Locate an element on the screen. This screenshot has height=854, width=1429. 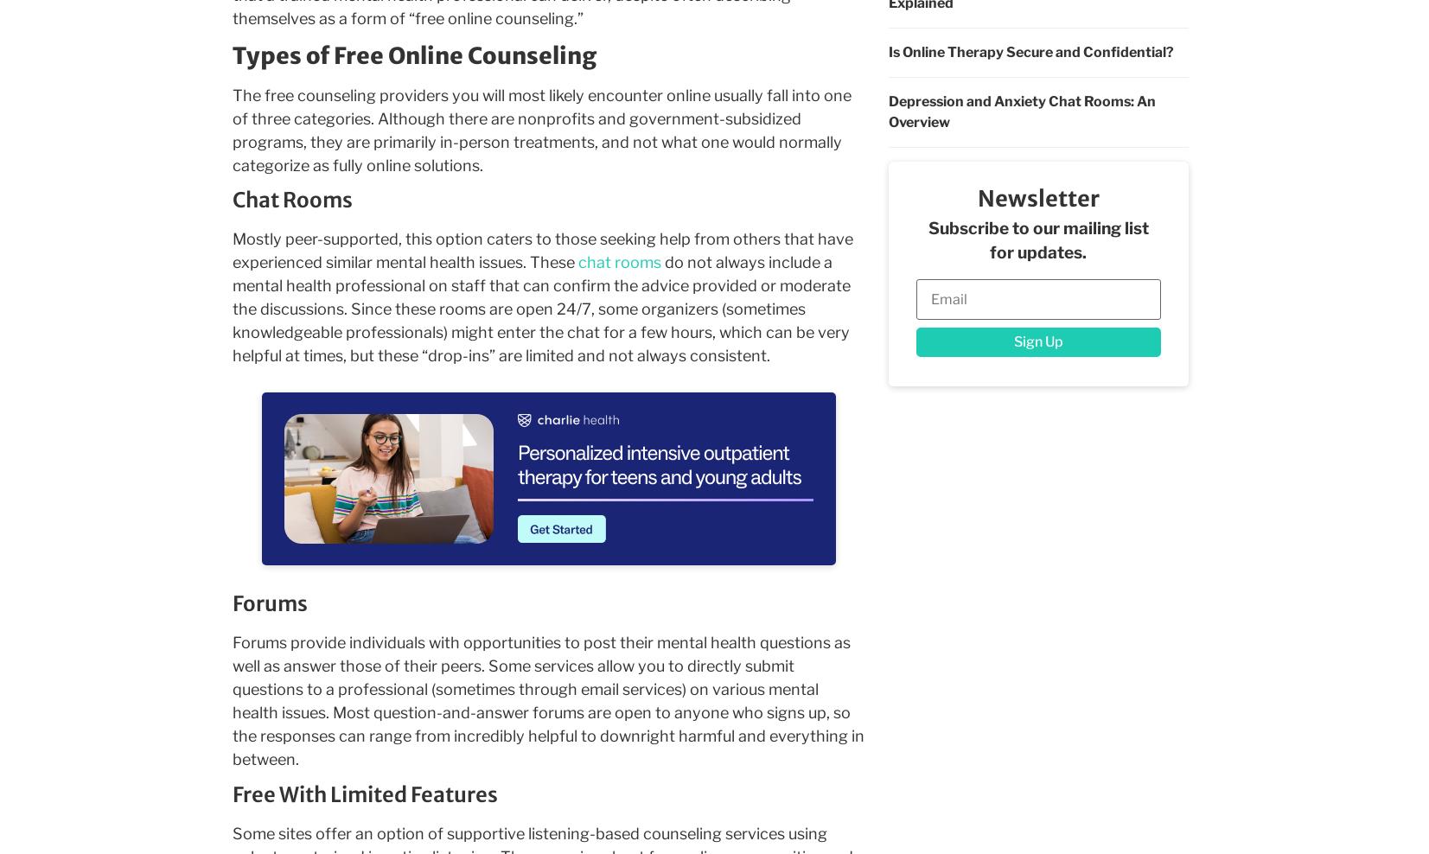
'do not always include a mental health professional on staff that can confirm the advice provided or moderate the discussions. Since these rooms are open 24/7, some organizers (sometimes knowledgeable professionals) might enter the chat for a few hours, which can be very helpful at times, but these “drop-ins” are limited and not always consistent.' is located at coordinates (539, 308).